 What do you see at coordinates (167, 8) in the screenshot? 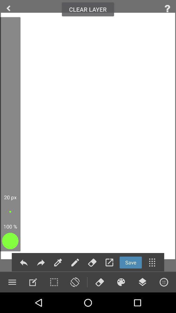
I see `more information` at bounding box center [167, 8].